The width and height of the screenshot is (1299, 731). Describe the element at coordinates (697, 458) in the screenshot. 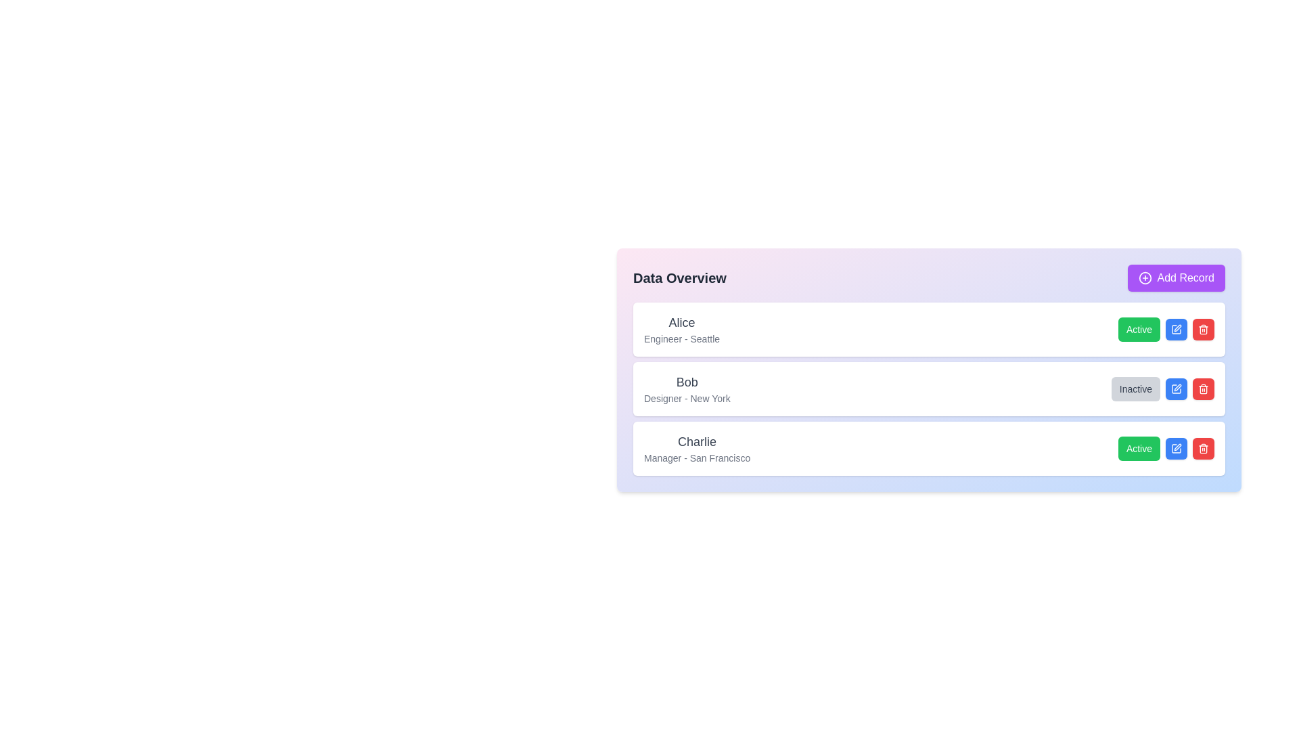

I see `the static text element displaying 'Manager - San Francisco', which is located below the bolded text 'Charlie' in the user details section` at that location.